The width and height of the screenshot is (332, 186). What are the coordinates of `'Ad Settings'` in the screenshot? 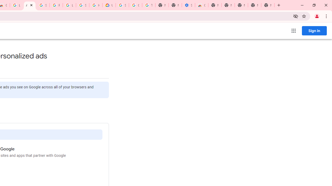 It's located at (29, 5).